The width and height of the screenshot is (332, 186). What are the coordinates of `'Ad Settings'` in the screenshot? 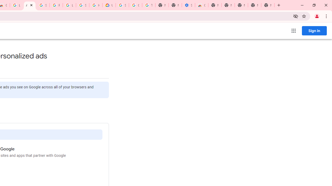 It's located at (29, 5).